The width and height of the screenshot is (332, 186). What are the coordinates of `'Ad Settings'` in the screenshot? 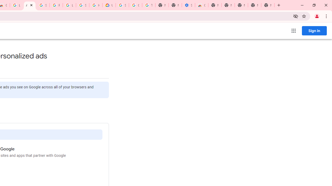 It's located at (29, 5).